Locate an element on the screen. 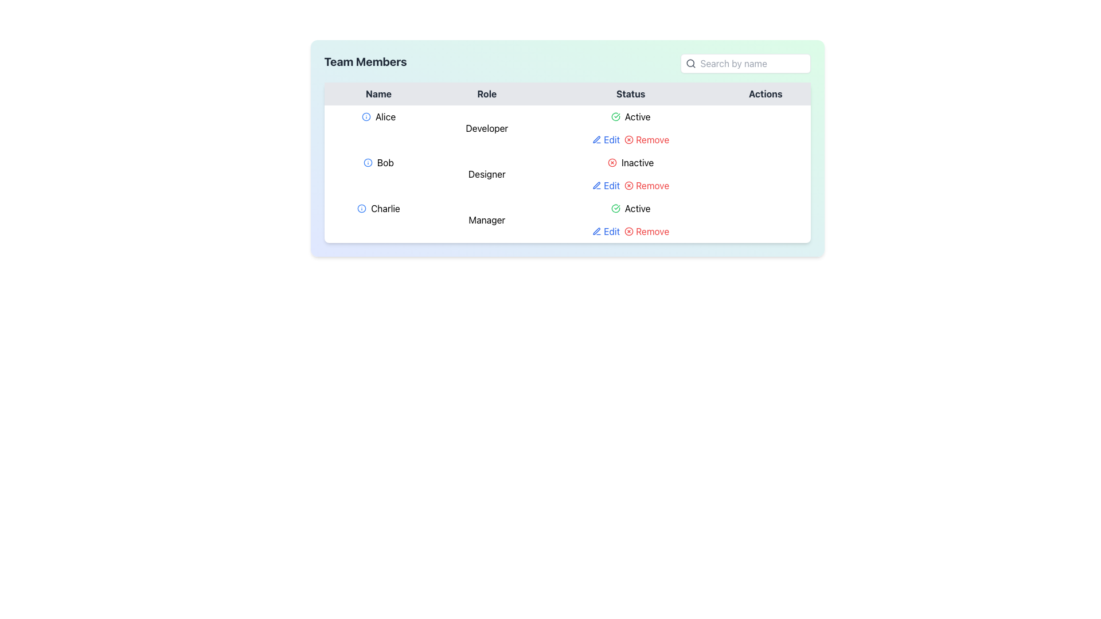  the 'Role' label for the row representing 'Bob' in the table, which indicates his role and is located between the 'Name' column ('Bob') and the 'Status' column ('Inactive') is located at coordinates (487, 174).